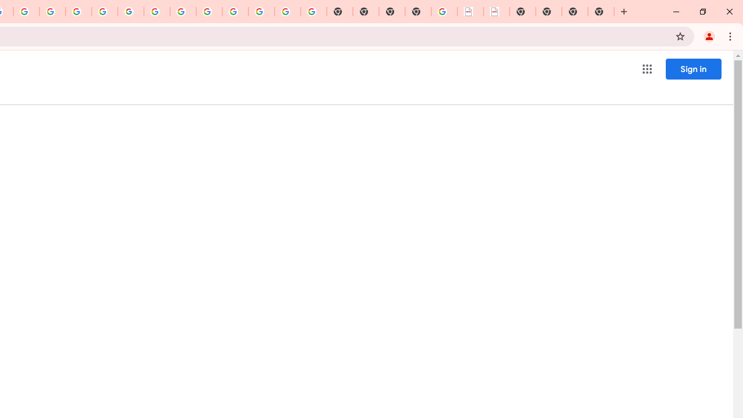 The height and width of the screenshot is (418, 743). What do you see at coordinates (731, 35) in the screenshot?
I see `'Chrome'` at bounding box center [731, 35].